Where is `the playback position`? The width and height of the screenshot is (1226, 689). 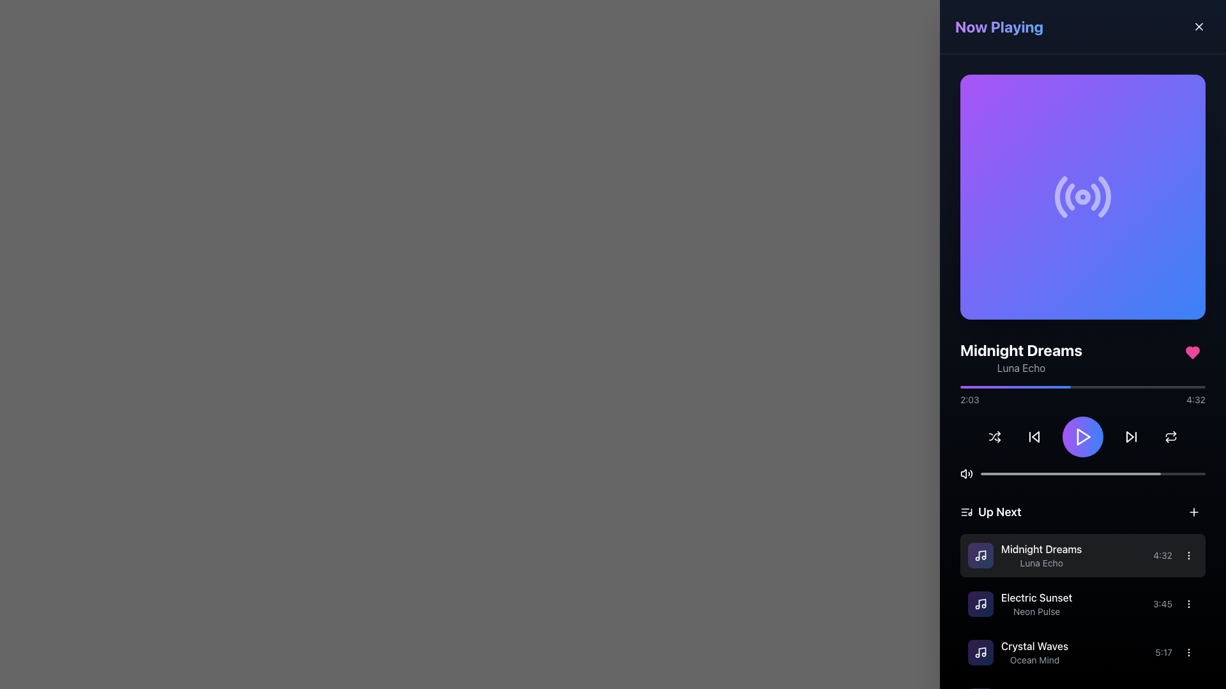 the playback position is located at coordinates (1004, 386).